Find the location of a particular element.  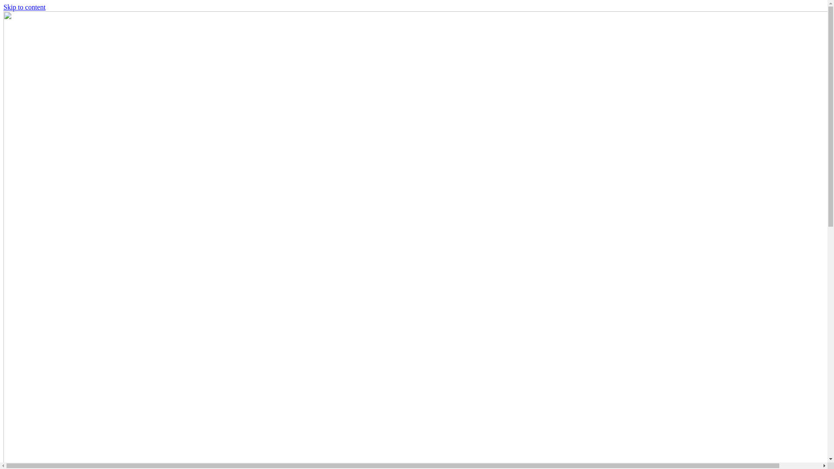

'Skip to content' is located at coordinates (24, 7).